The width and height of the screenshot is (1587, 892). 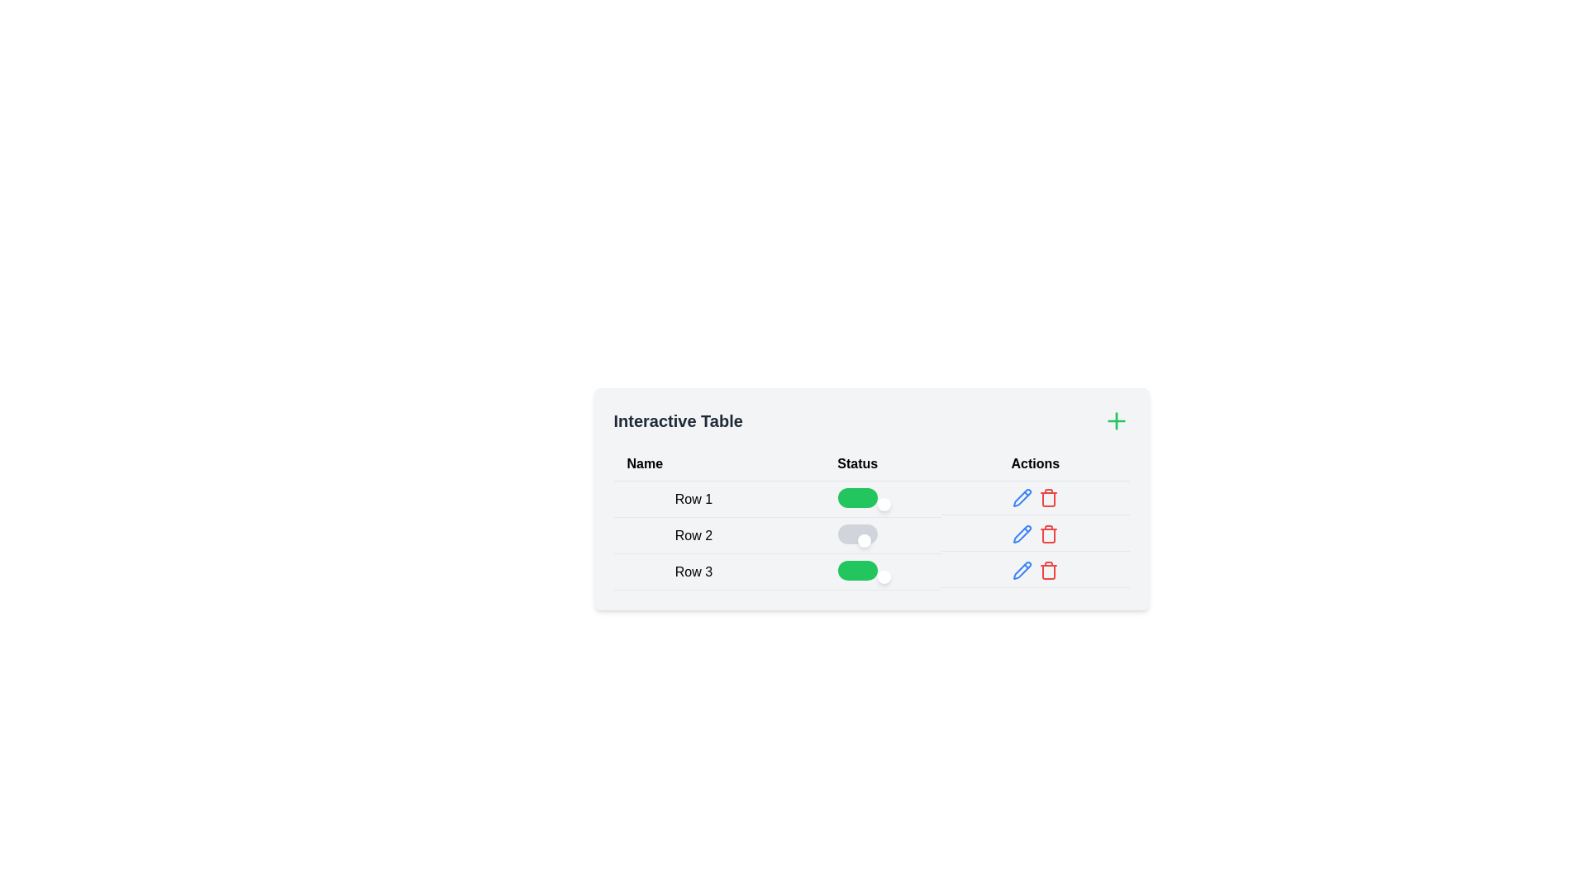 What do you see at coordinates (693, 498) in the screenshot?
I see `the Text element that displays the label for the first row of the table, located under the 'Name' column` at bounding box center [693, 498].